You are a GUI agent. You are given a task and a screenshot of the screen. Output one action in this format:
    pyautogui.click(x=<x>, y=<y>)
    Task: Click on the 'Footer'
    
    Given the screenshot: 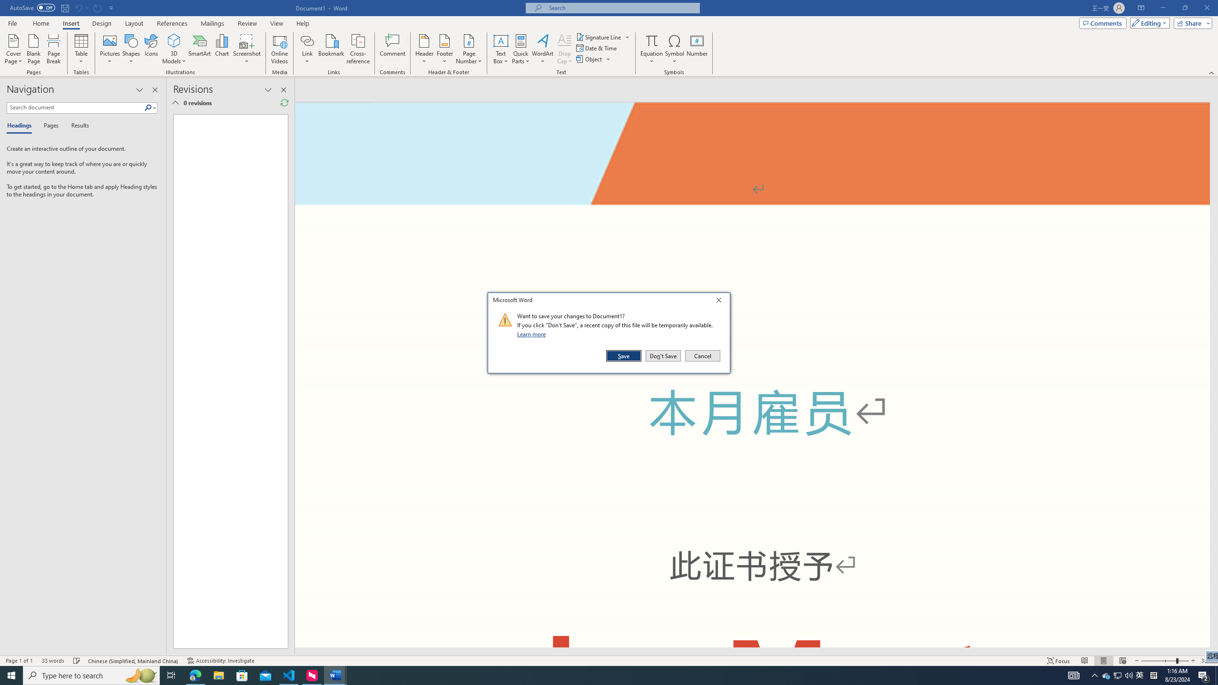 What is the action you would take?
    pyautogui.click(x=444, y=49)
    